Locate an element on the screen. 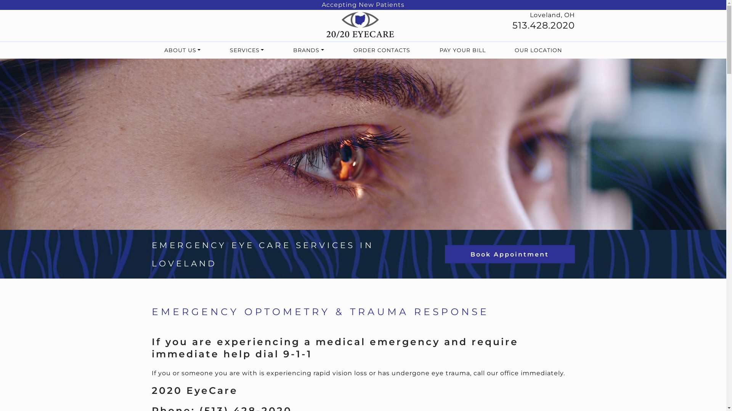 The image size is (732, 411). 'Book Appointment' is located at coordinates (510, 254).